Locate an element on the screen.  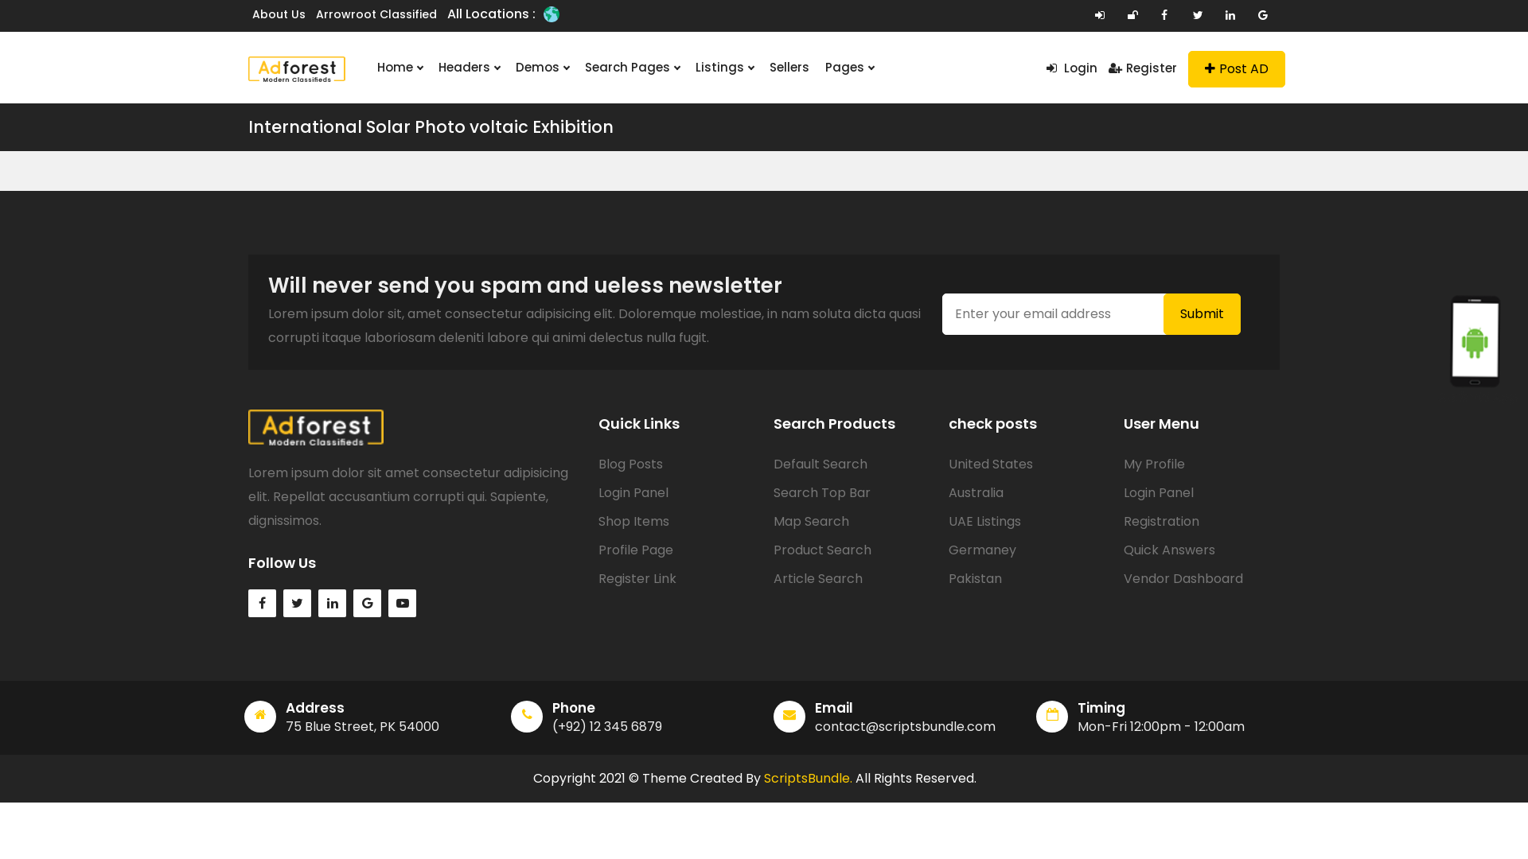
'United States' is located at coordinates (989, 464).